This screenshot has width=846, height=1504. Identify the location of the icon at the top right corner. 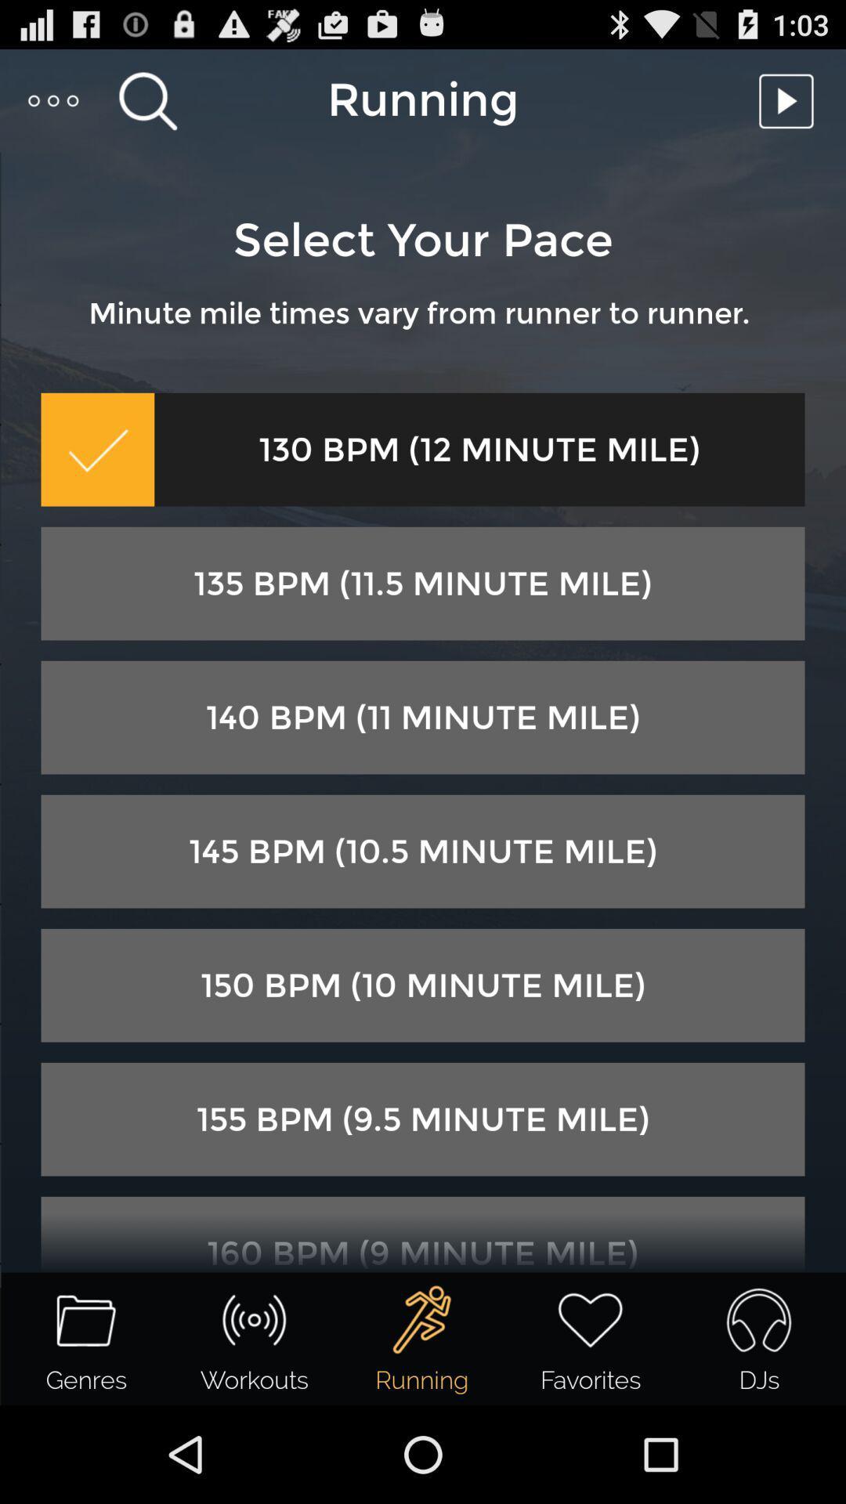
(790, 99).